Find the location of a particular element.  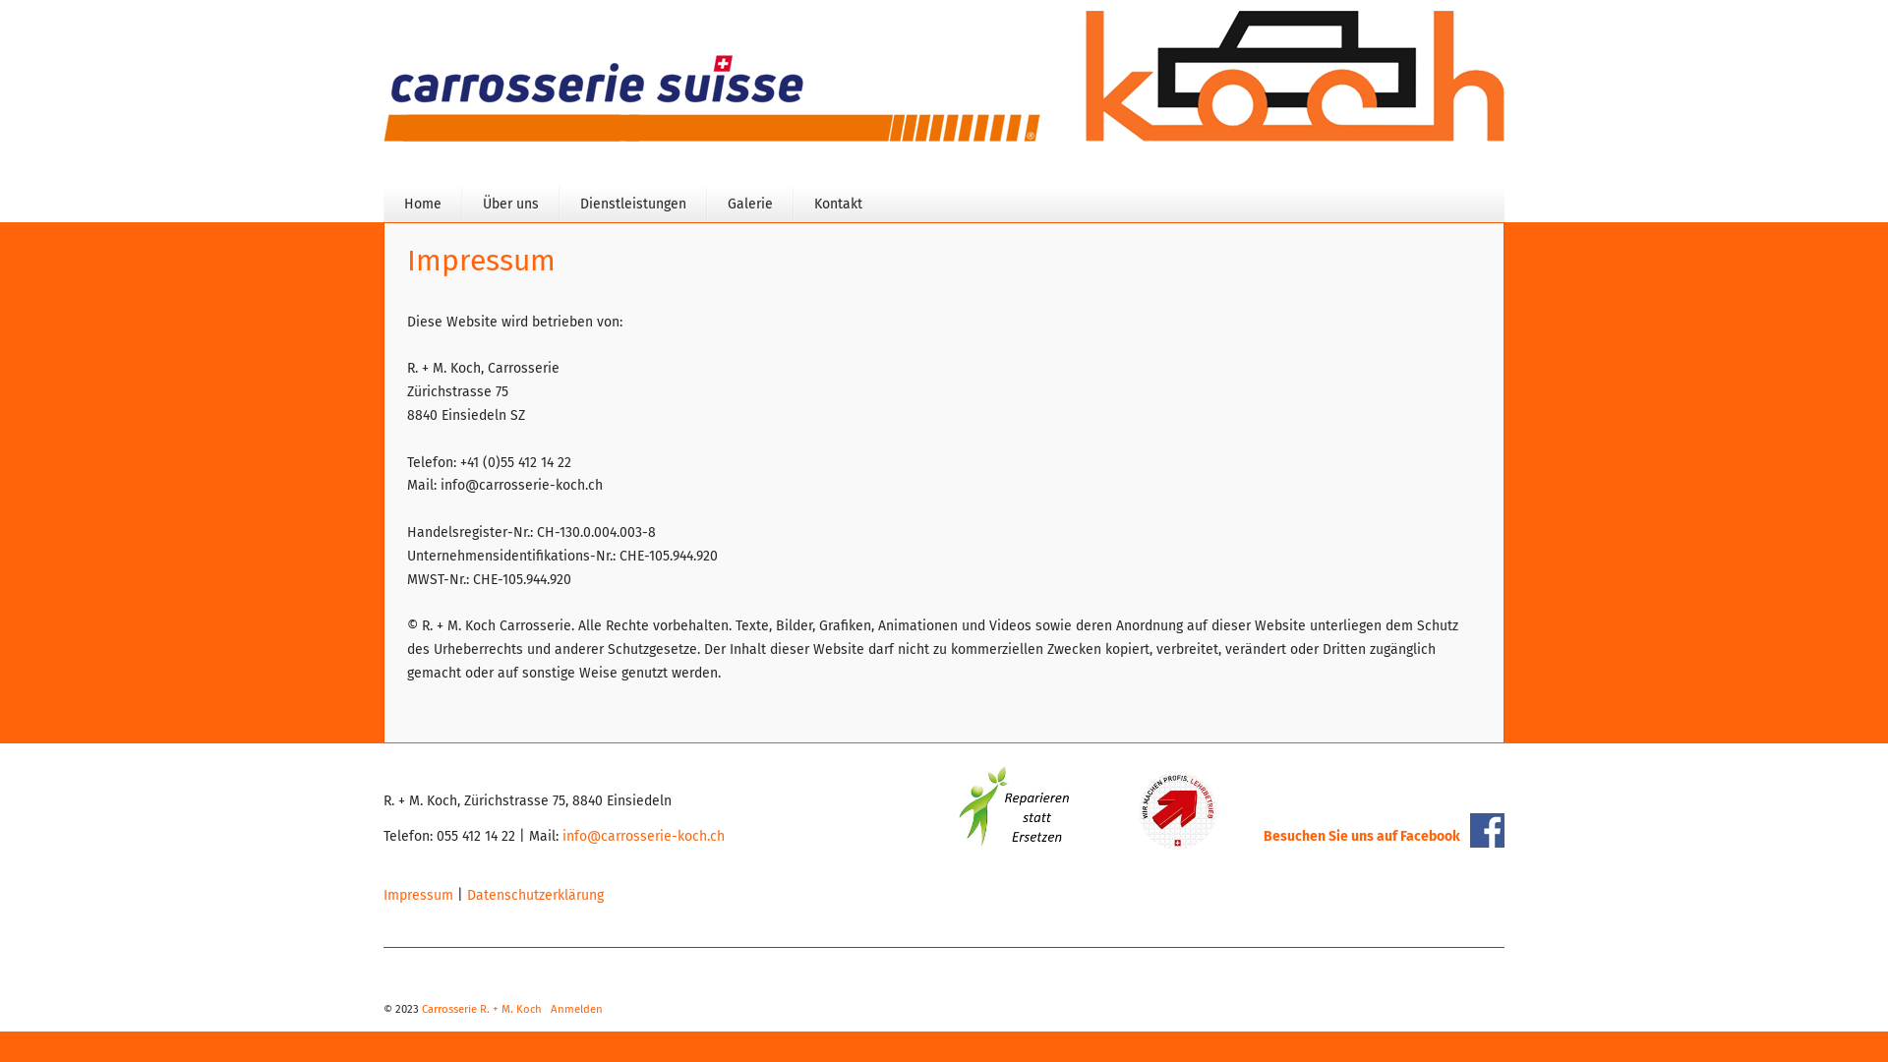

'Galerie' is located at coordinates (749, 205).